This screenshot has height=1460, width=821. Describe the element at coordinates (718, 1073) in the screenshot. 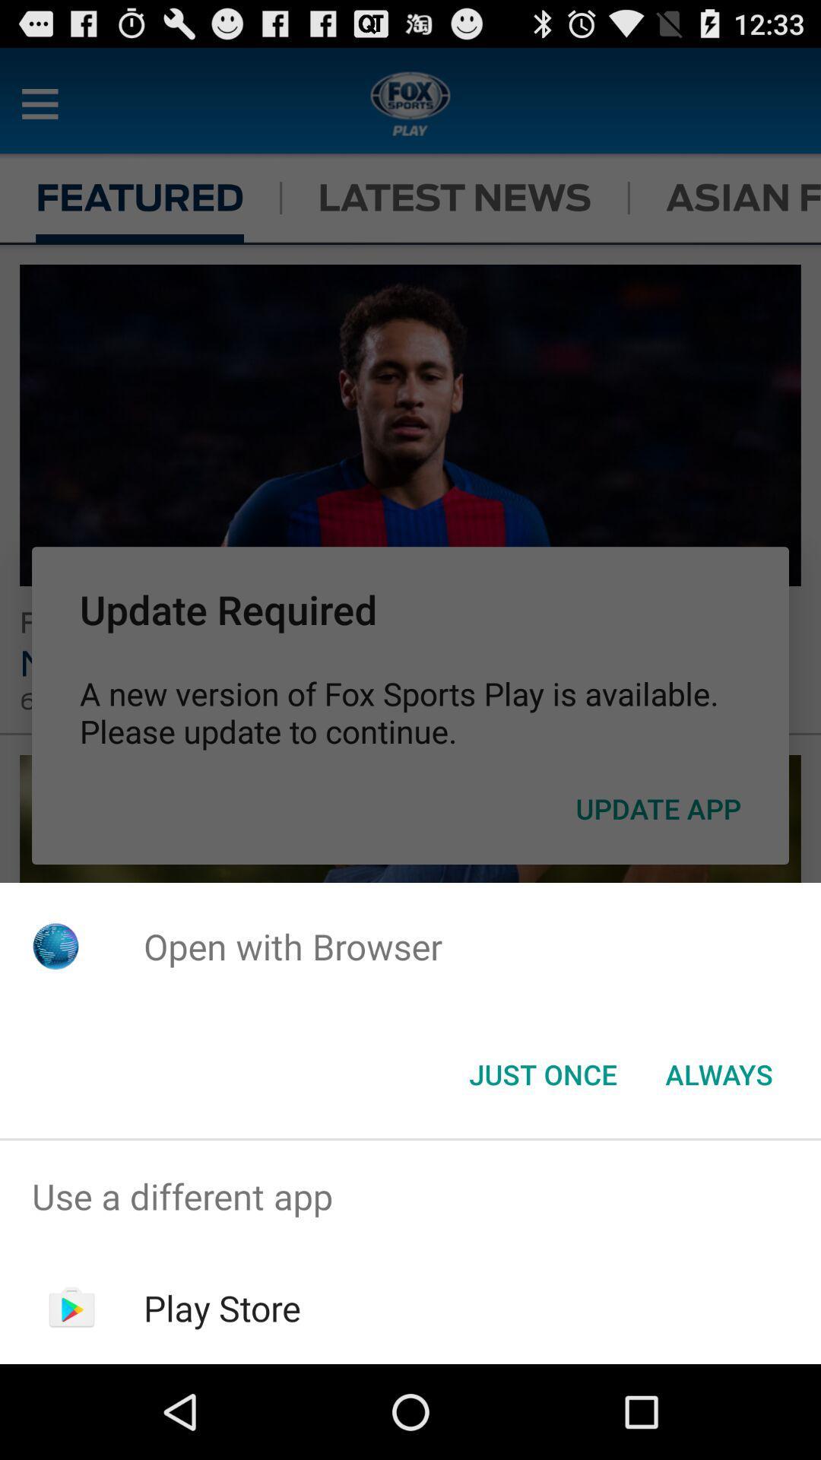

I see `icon to the right of just once` at that location.